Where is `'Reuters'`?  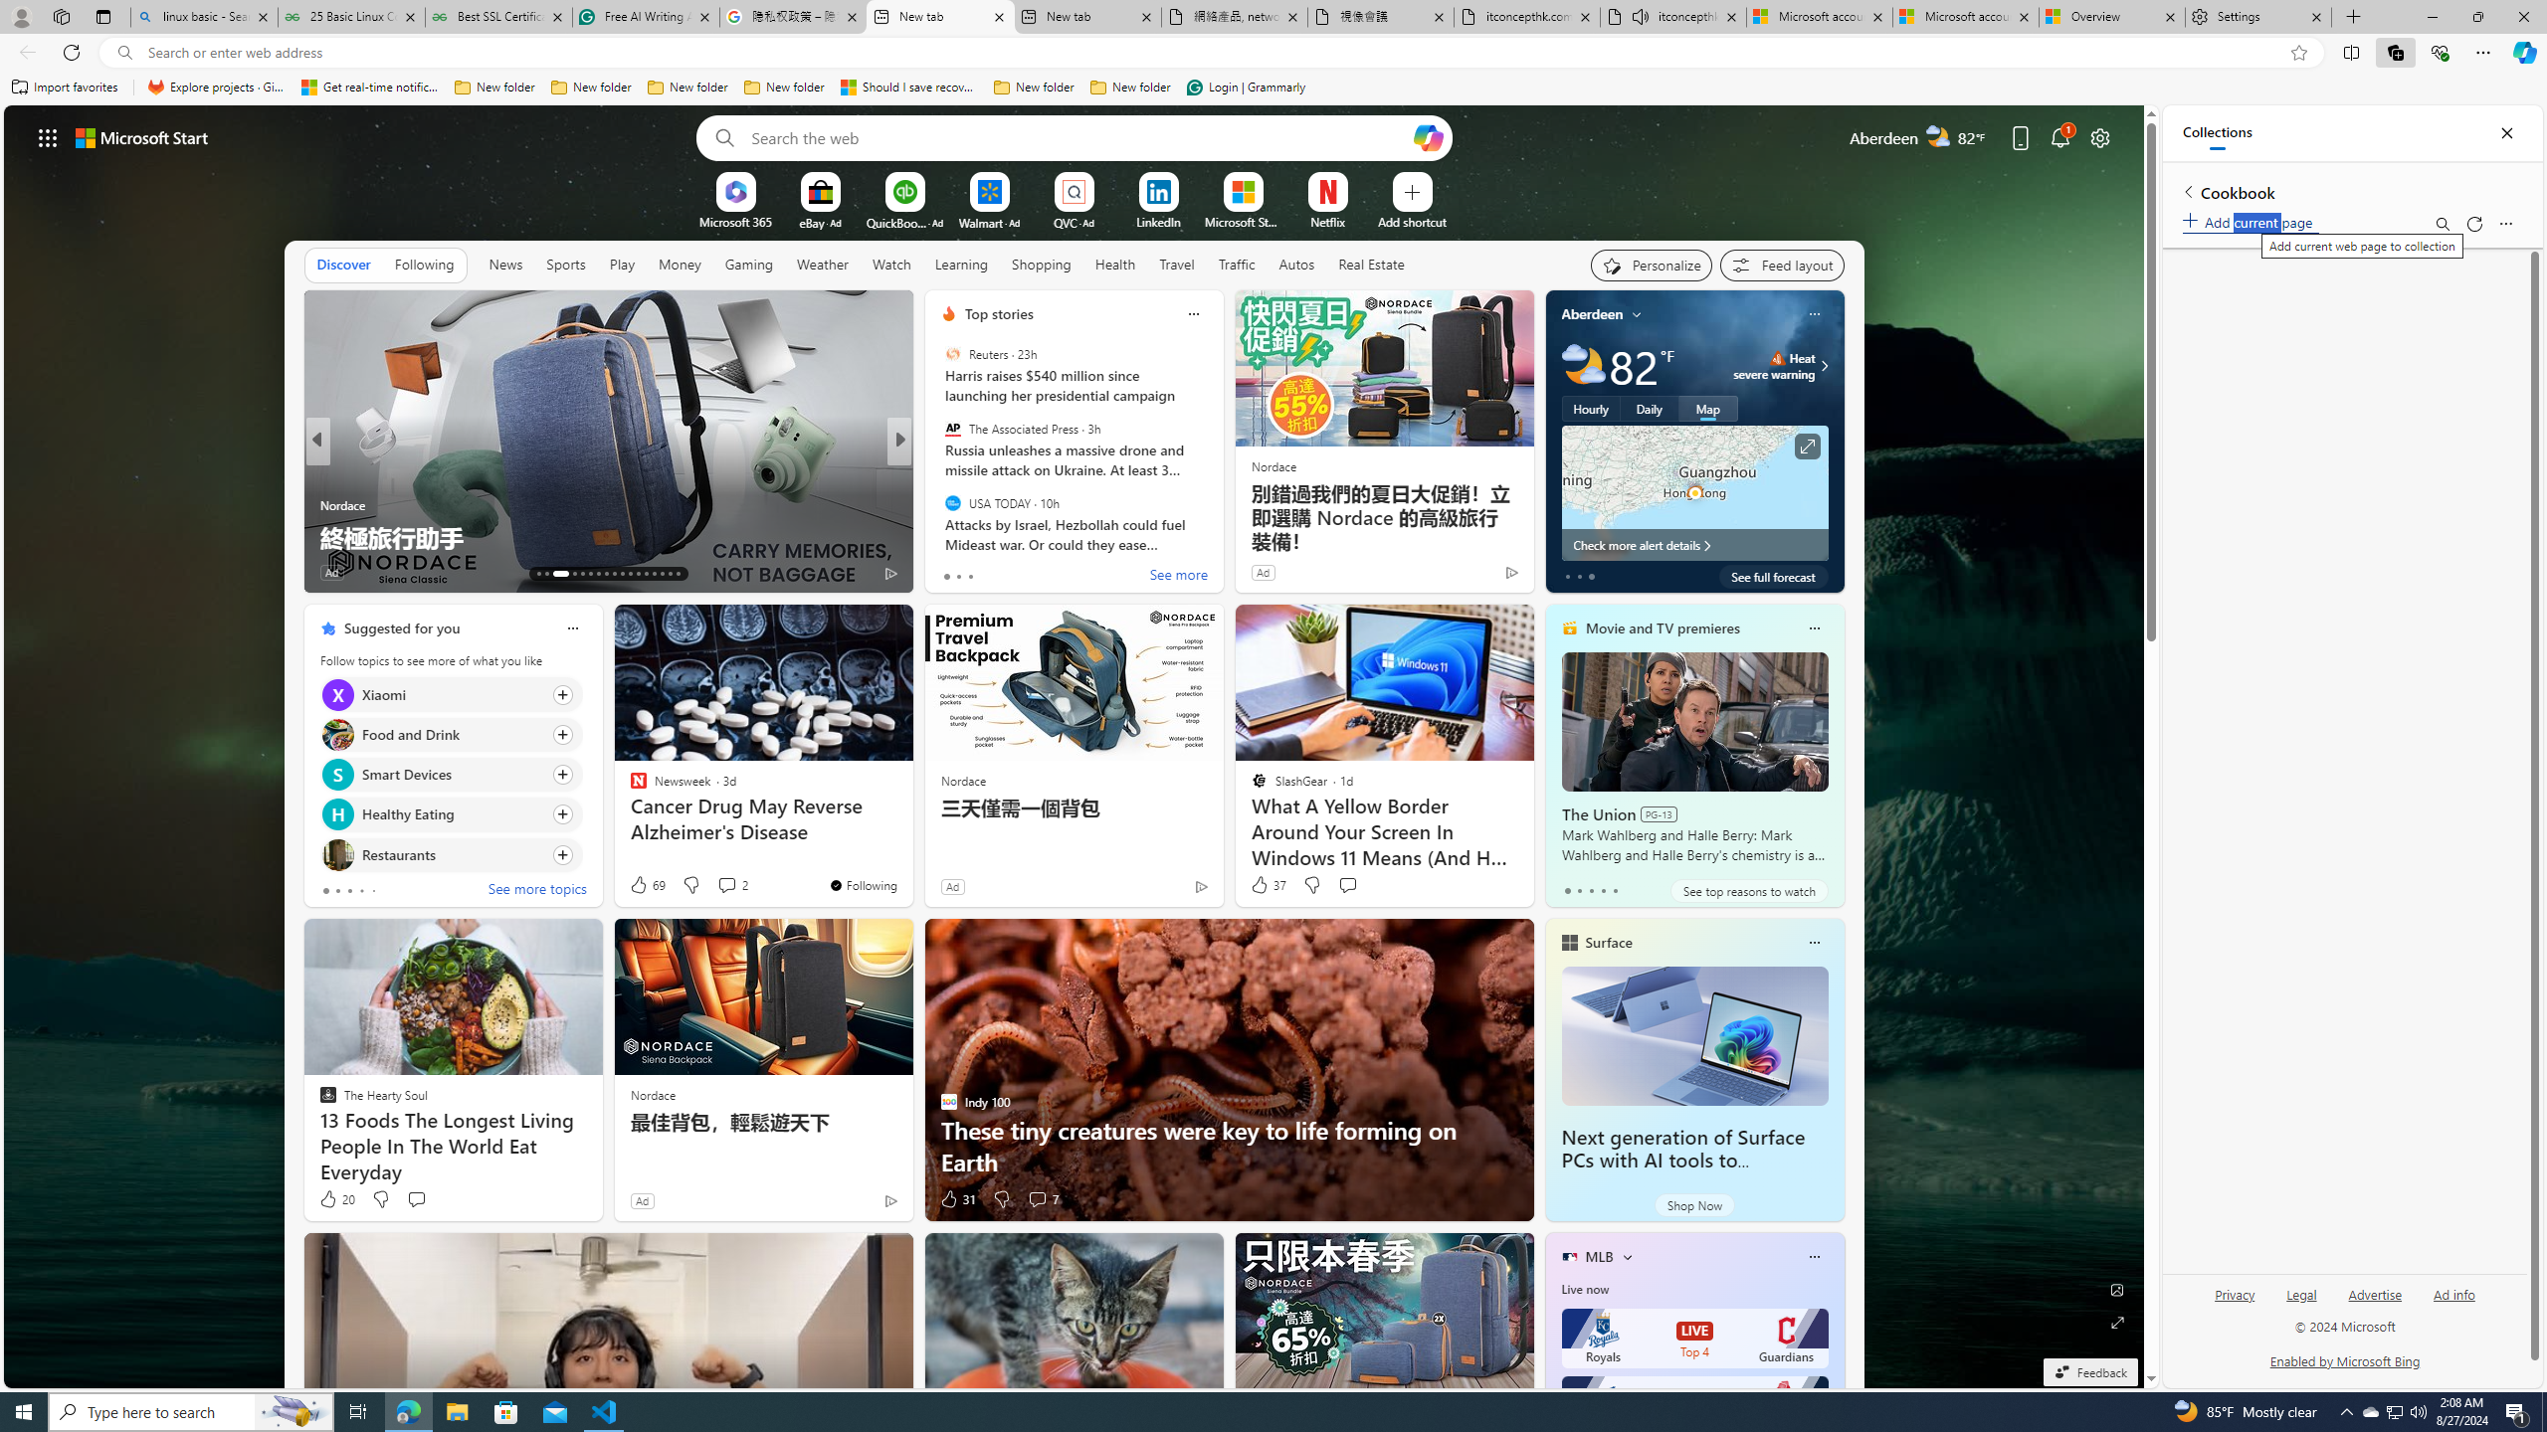
'Reuters' is located at coordinates (952, 354).